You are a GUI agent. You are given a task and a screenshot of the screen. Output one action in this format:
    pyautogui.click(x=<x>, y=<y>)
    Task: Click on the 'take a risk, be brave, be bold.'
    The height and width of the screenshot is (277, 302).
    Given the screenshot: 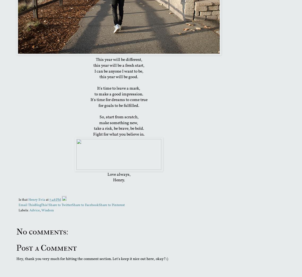 What is the action you would take?
    pyautogui.click(x=94, y=129)
    